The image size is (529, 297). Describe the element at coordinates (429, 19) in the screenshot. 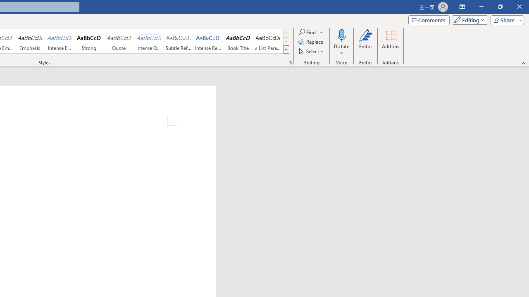

I see `'Comments'` at that location.